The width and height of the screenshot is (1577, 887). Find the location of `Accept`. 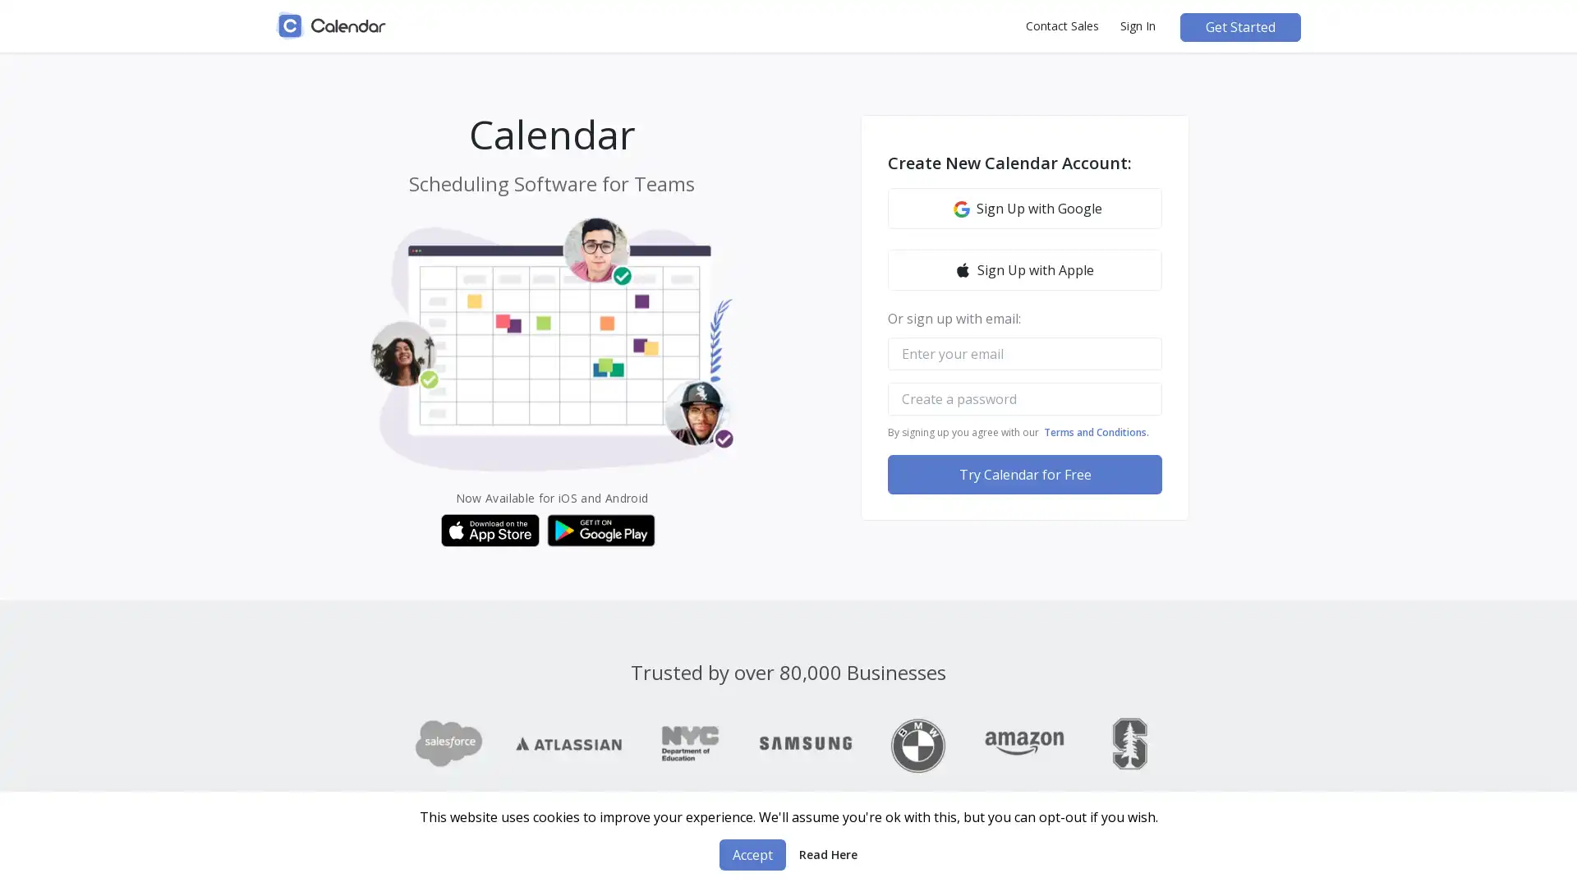

Accept is located at coordinates (752, 853).